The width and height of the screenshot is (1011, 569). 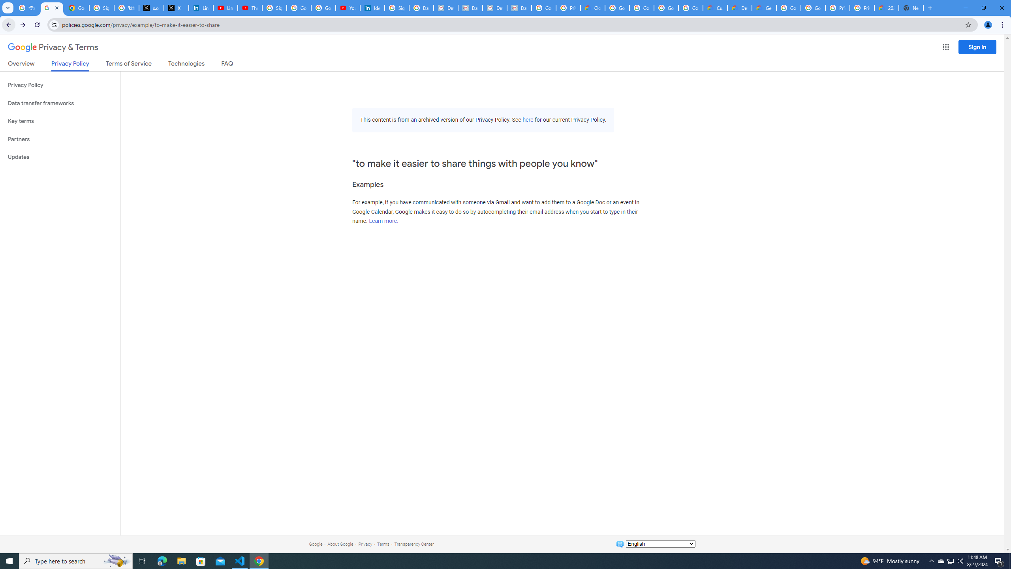 What do you see at coordinates (396, 8) in the screenshot?
I see `'Sign in - Google Accounts'` at bounding box center [396, 8].